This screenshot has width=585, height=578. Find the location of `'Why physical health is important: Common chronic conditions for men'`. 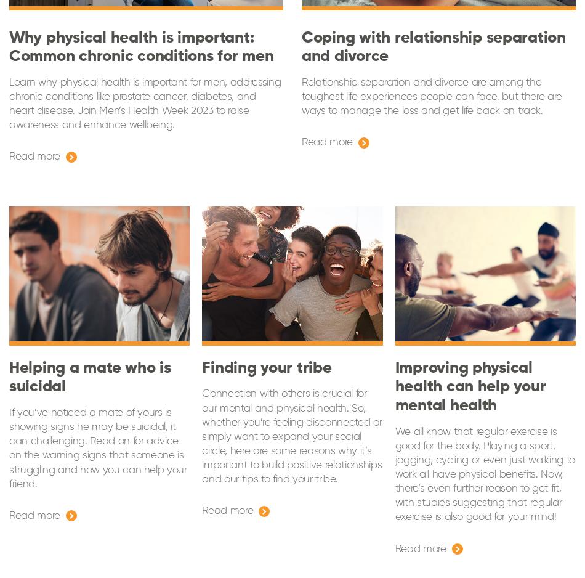

'Why physical health is important: Common chronic conditions for men' is located at coordinates (141, 47).